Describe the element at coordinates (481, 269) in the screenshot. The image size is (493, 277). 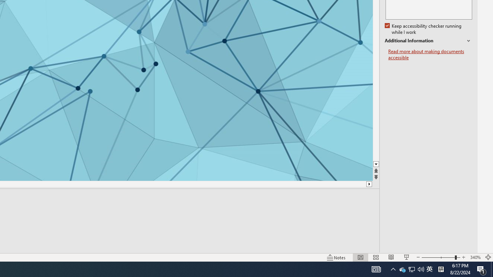
I see `'Action Center, 1 new notification'` at that location.